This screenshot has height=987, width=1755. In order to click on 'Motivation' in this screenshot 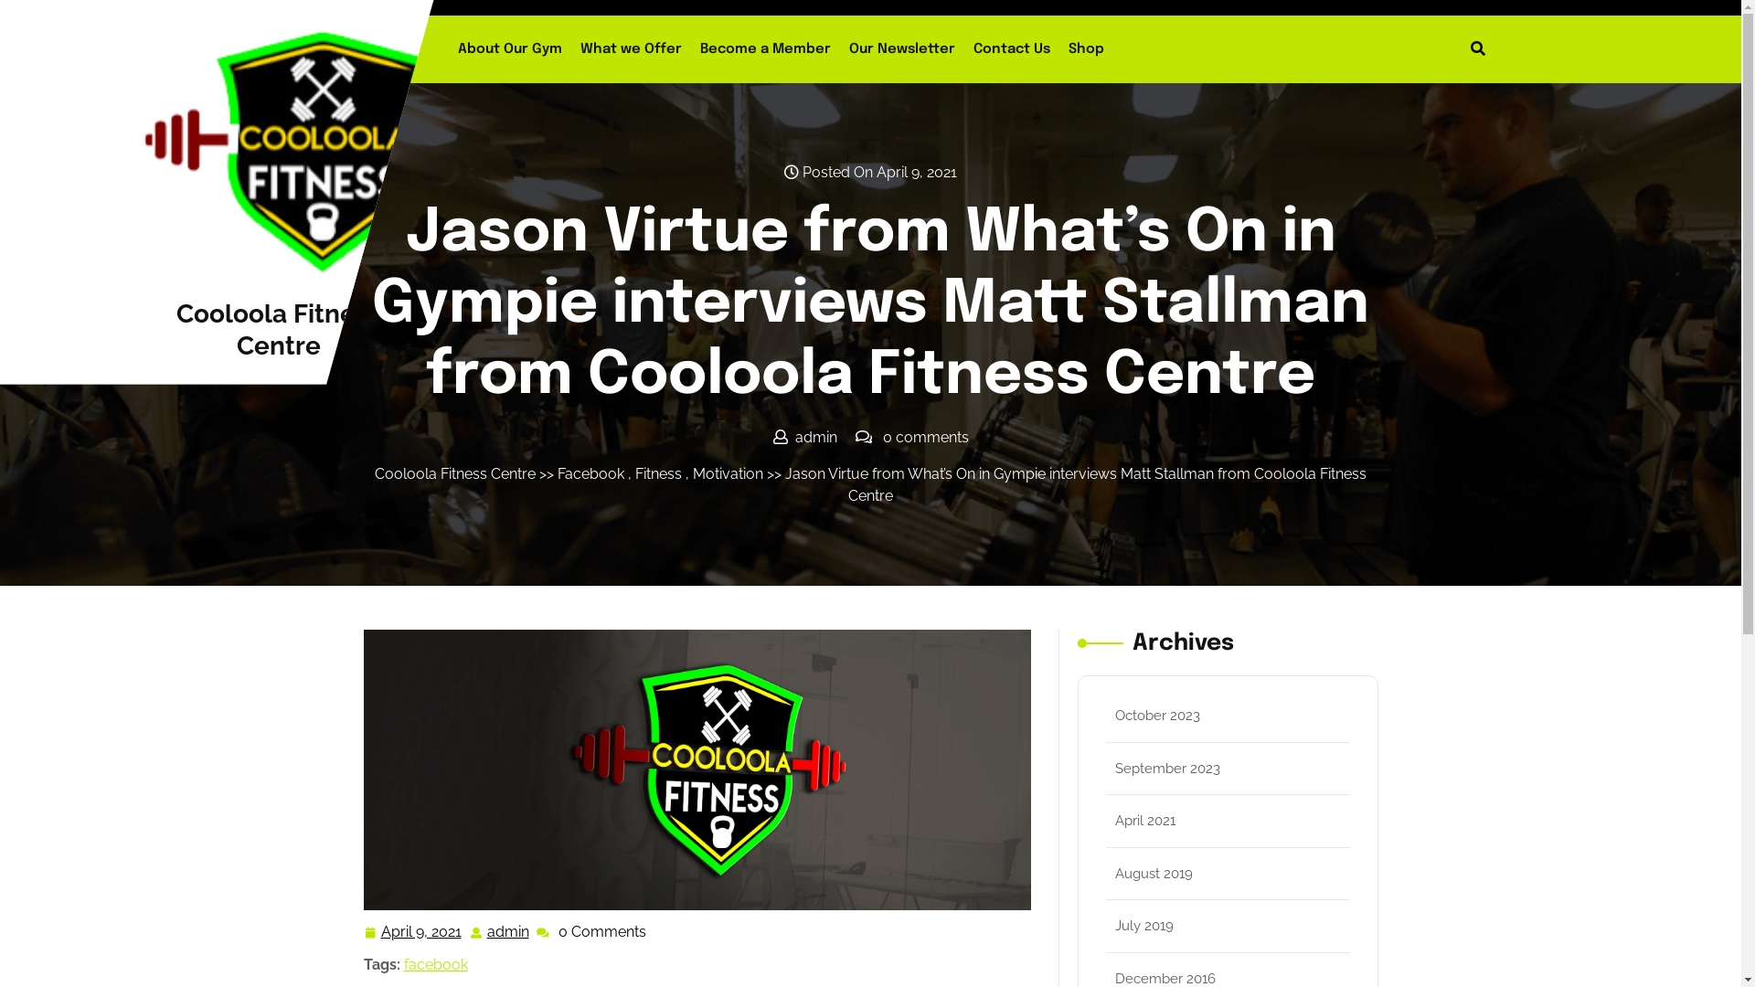, I will do `click(692, 472)`.